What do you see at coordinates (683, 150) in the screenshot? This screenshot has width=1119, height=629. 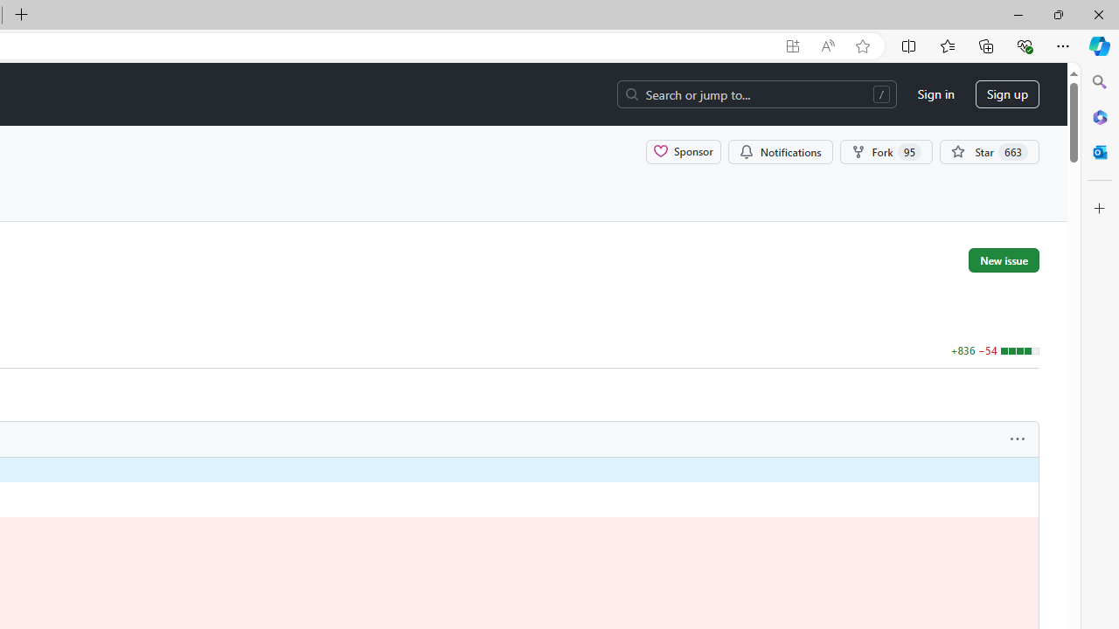 I see `'Sponsor MajkiIT/polish-ads-filter'` at bounding box center [683, 150].